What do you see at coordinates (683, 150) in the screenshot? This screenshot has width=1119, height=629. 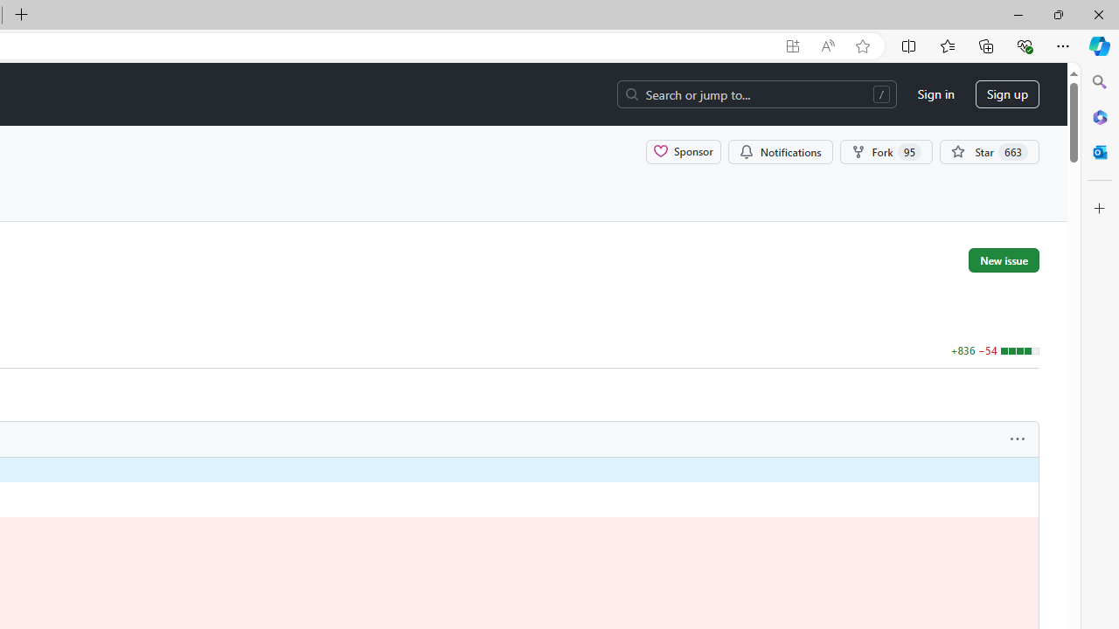 I see `'Sponsor MajkiIT/polish-ads-filter'` at bounding box center [683, 150].